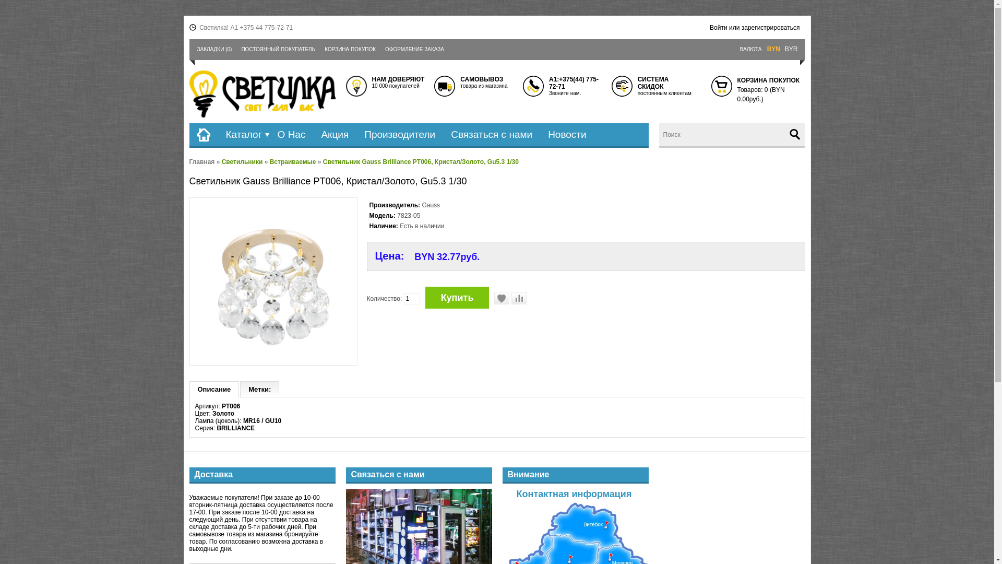  What do you see at coordinates (773, 49) in the screenshot?
I see `'BYN'` at bounding box center [773, 49].